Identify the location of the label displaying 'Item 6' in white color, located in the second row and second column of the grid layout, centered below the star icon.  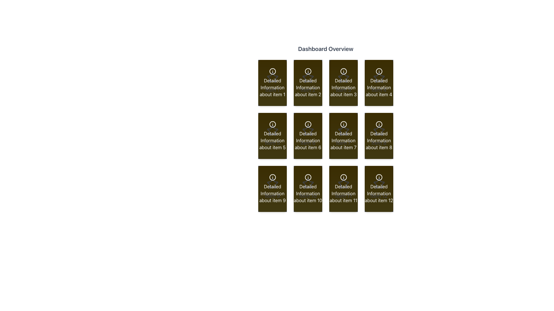
(308, 143).